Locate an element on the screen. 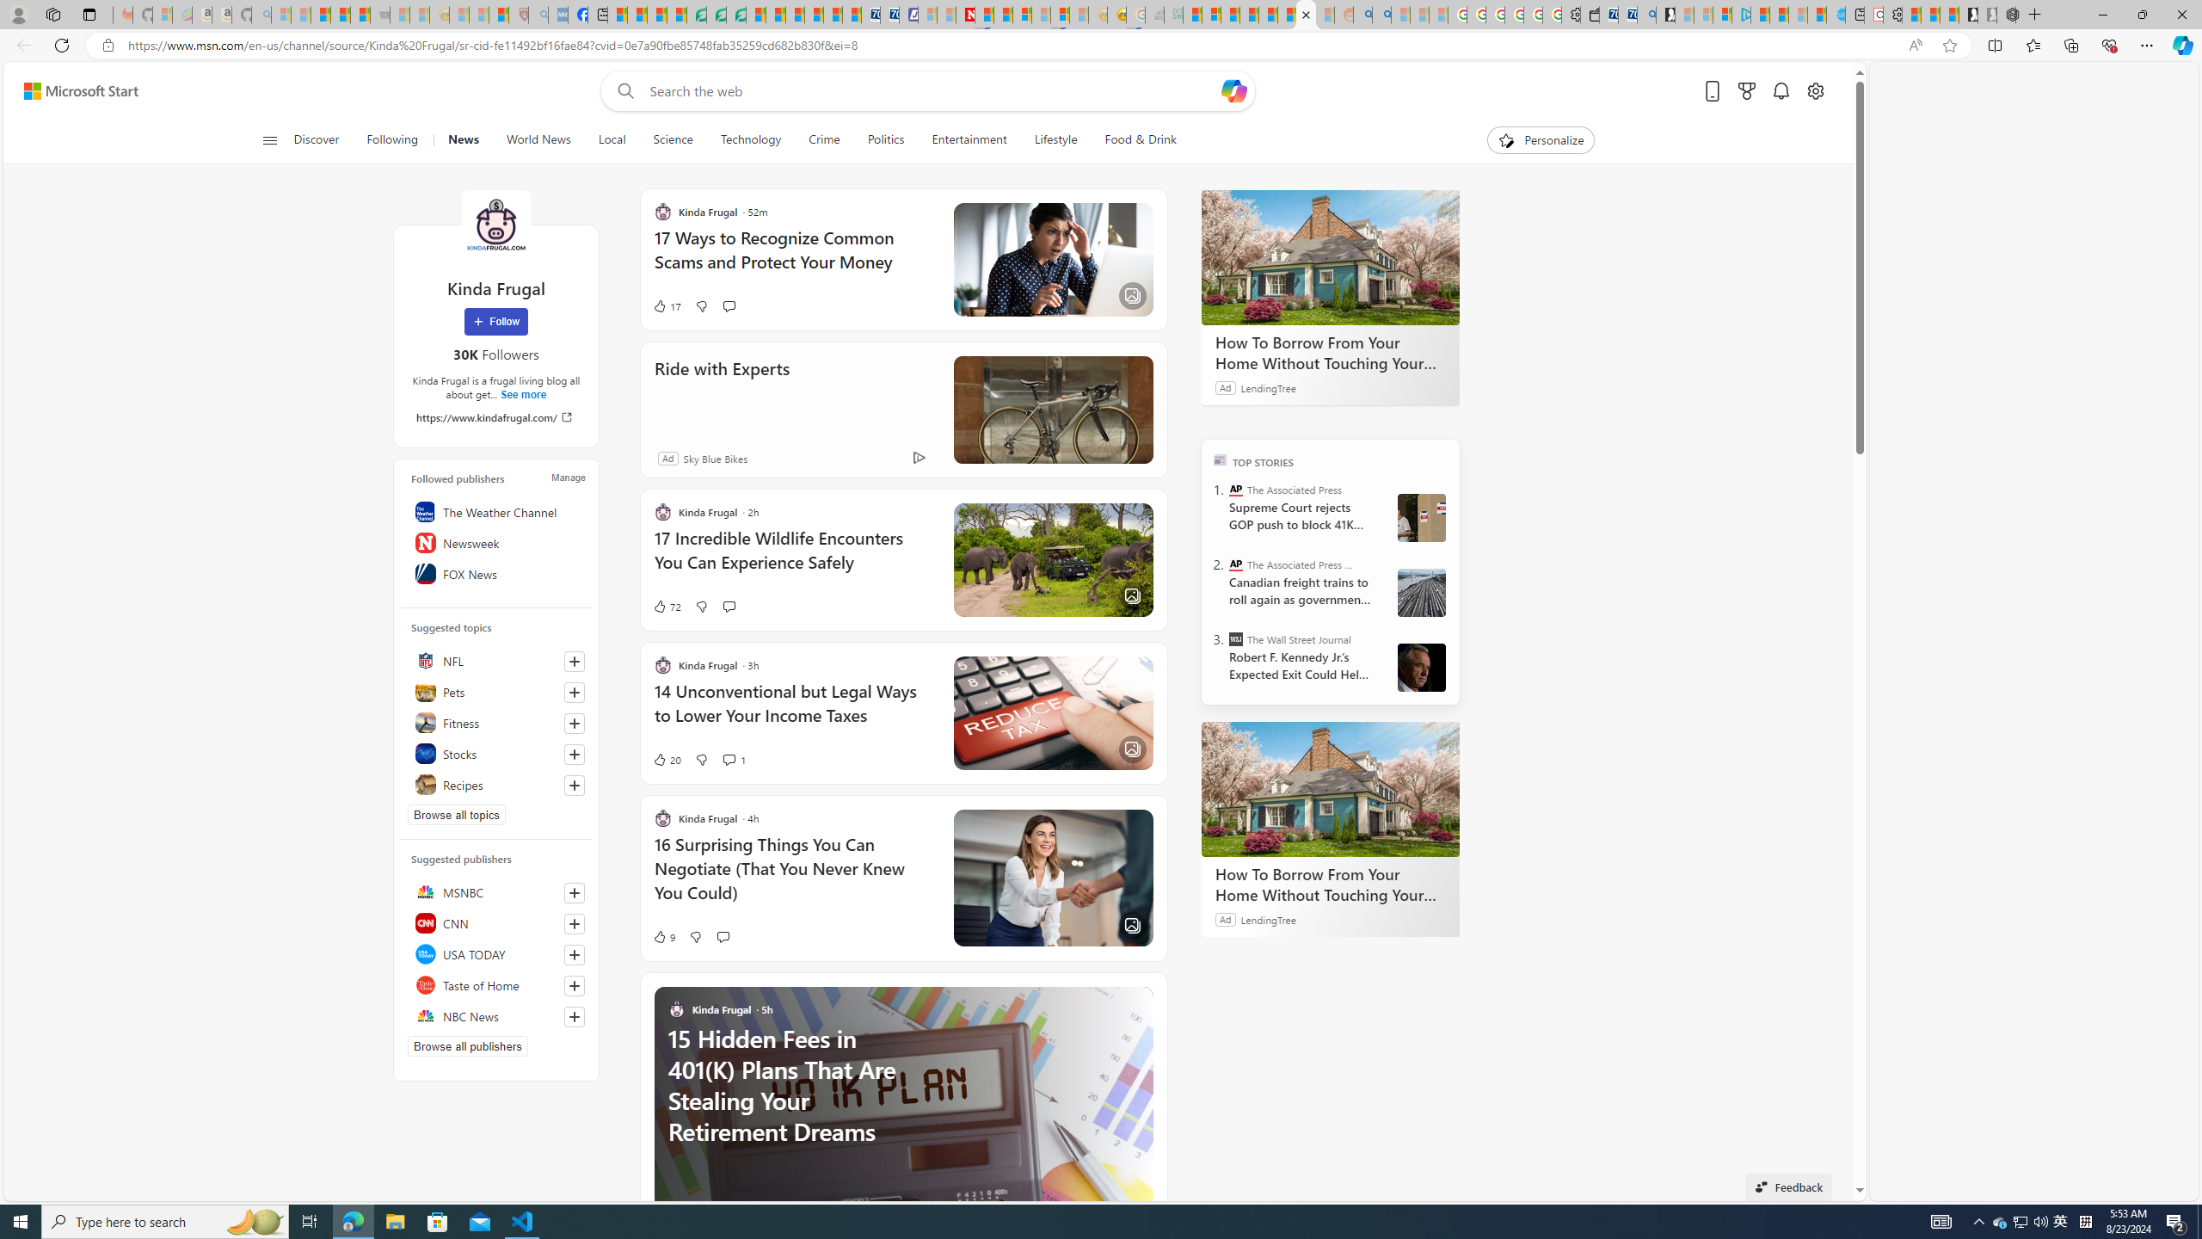  'FOX News' is located at coordinates (495, 573).